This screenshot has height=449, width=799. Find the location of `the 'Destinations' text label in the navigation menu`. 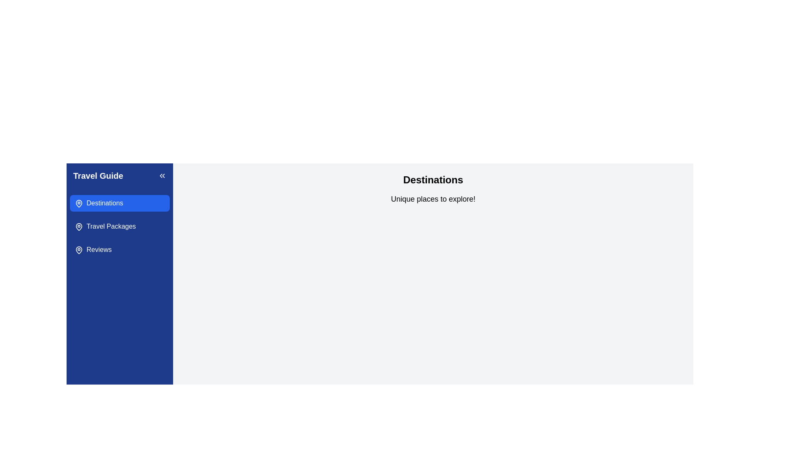

the 'Destinations' text label in the navigation menu is located at coordinates (104, 203).